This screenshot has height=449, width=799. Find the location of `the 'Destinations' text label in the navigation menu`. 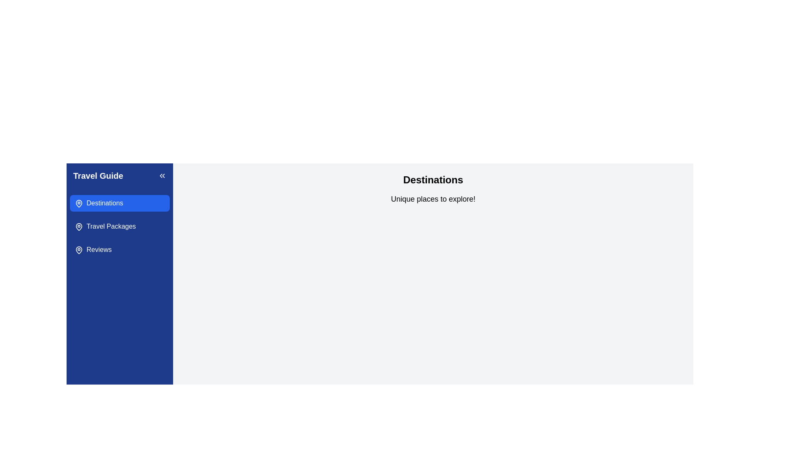

the 'Destinations' text label in the navigation menu is located at coordinates (104, 203).